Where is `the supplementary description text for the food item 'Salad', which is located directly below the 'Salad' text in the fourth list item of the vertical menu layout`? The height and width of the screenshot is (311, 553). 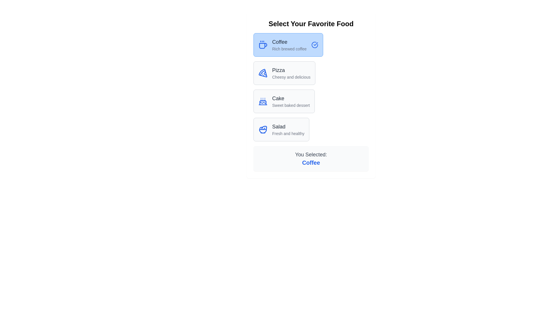
the supplementary description text for the food item 'Salad', which is located directly below the 'Salad' text in the fourth list item of the vertical menu layout is located at coordinates (288, 133).